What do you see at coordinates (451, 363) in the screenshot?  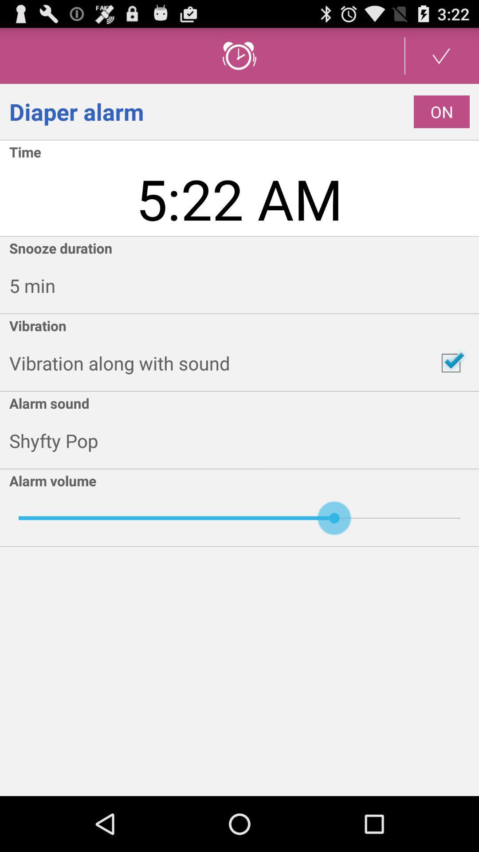 I see `vibration along with sound` at bounding box center [451, 363].